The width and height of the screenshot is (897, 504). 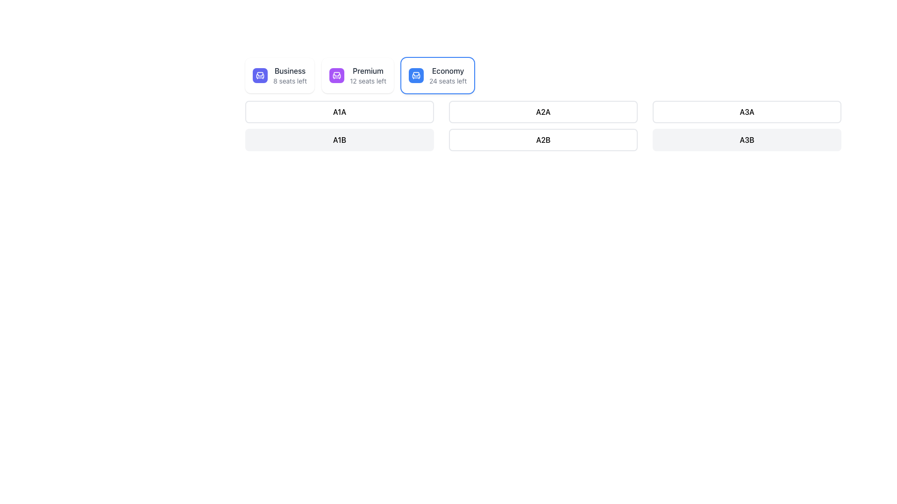 I want to click on the Text label in the top-left section of the visible area that denotes a specific category or class related to travel or ticketing, so click(x=289, y=70).